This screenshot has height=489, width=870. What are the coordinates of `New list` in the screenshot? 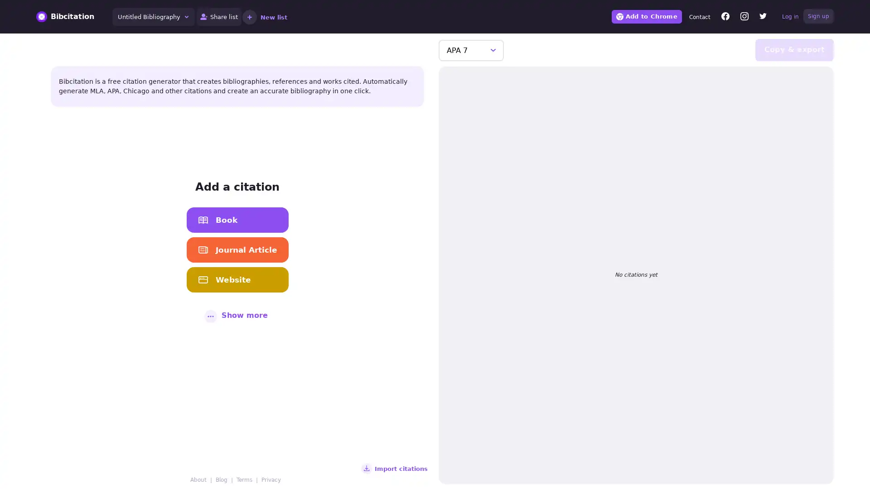 It's located at (264, 17).